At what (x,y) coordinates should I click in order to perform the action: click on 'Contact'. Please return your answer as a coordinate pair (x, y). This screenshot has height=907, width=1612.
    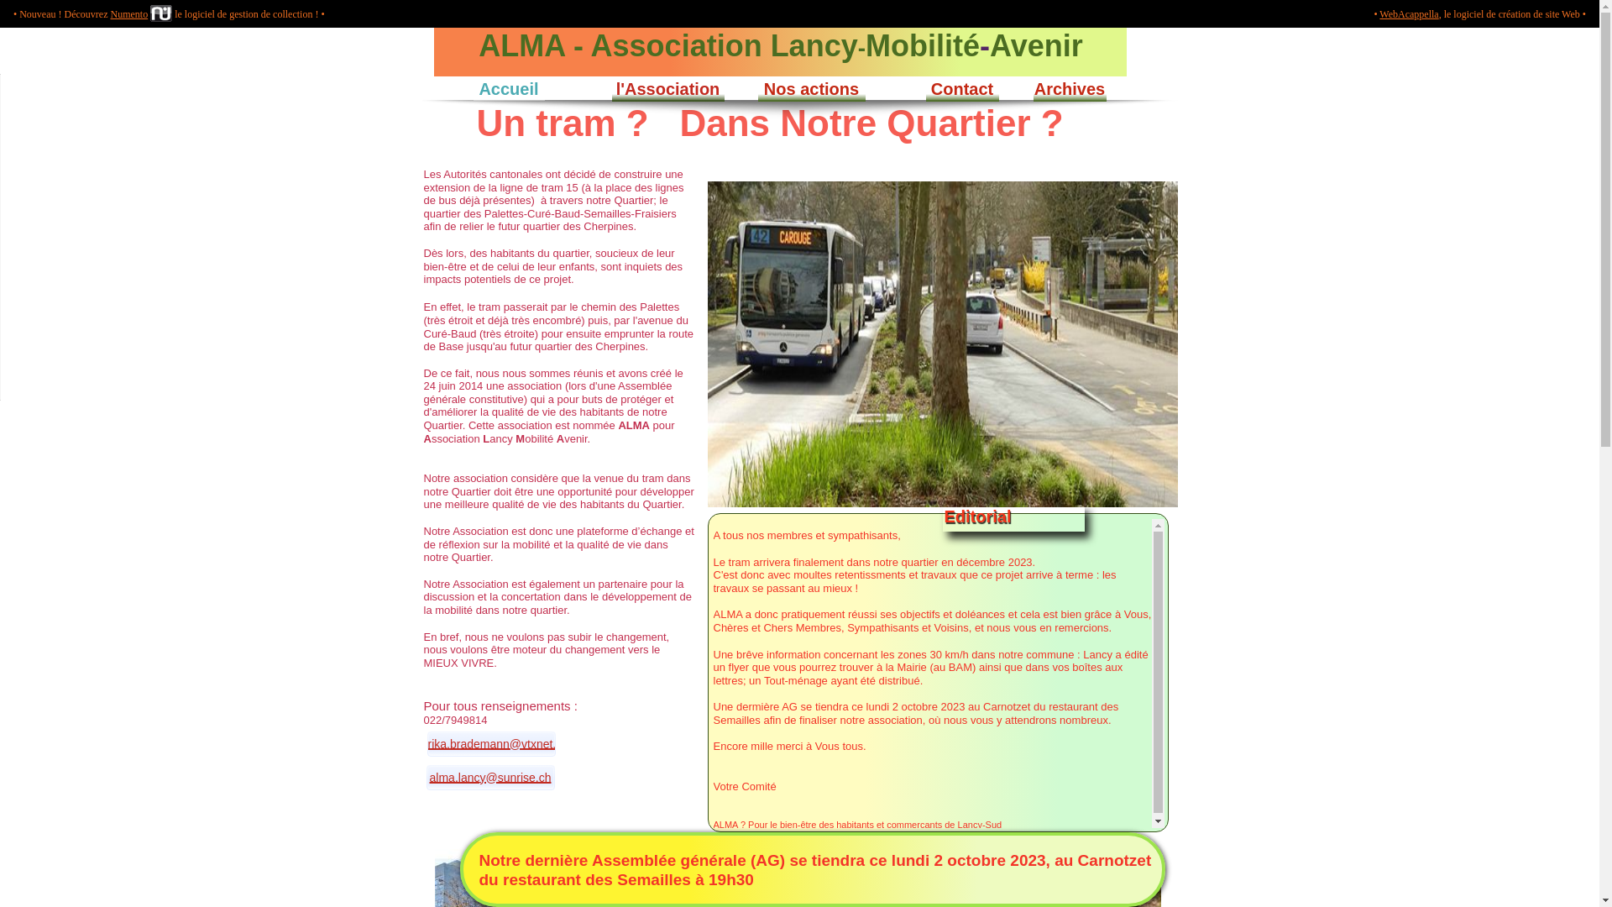
    Looking at the image, I should click on (962, 87).